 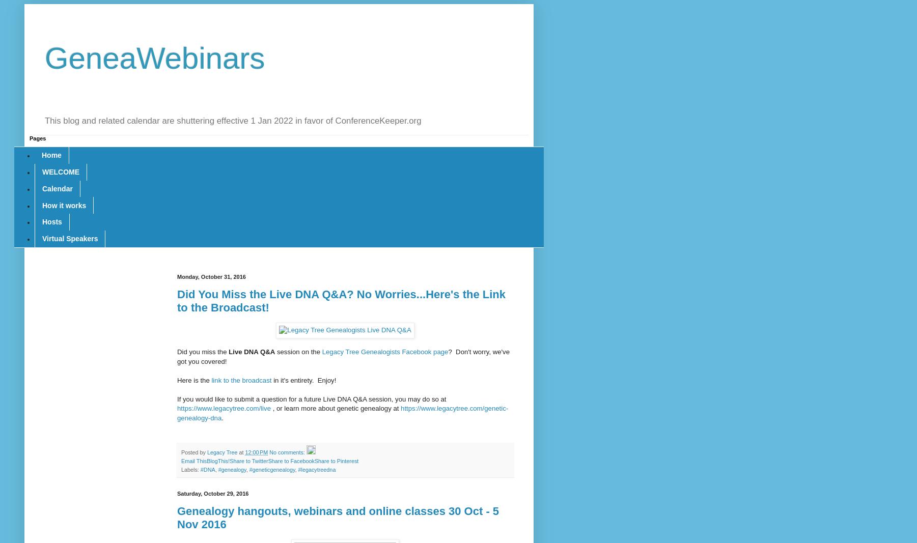 I want to click on 'BlogThis!', so click(x=217, y=461).